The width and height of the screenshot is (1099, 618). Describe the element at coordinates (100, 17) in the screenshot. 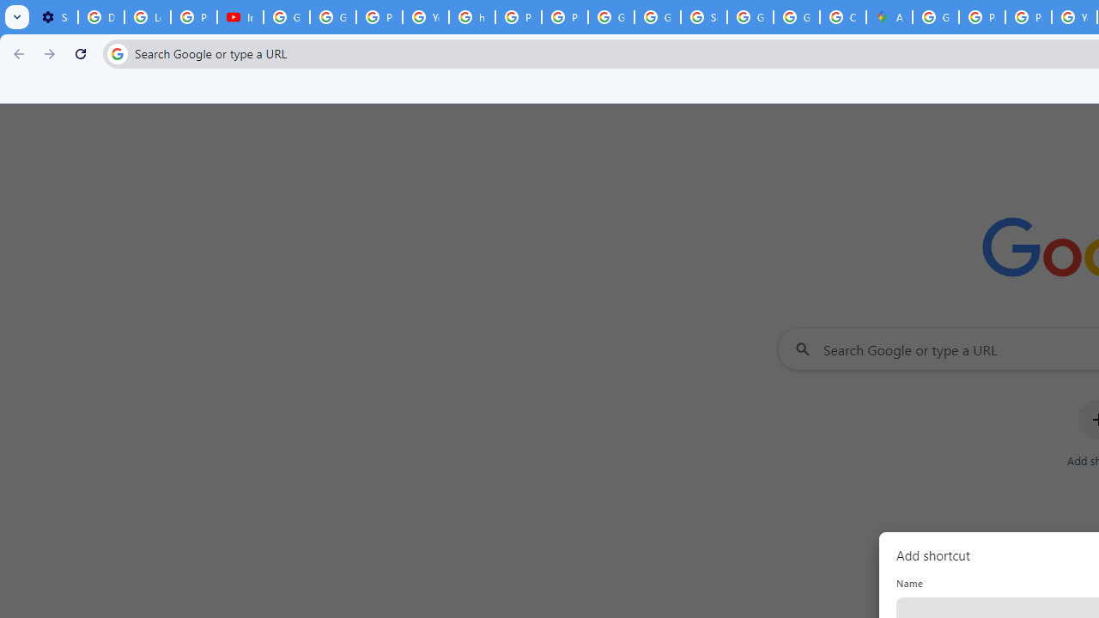

I see `'Delete photos & videos - Computer - Google Photos Help'` at that location.